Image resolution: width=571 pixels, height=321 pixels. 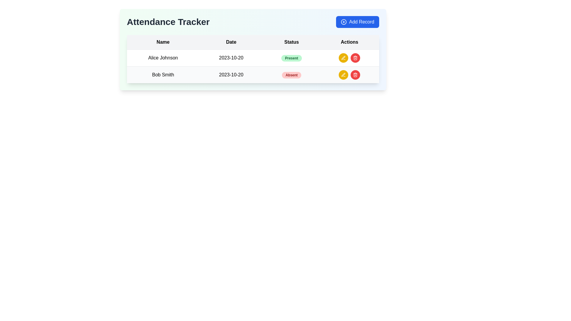 What do you see at coordinates (231, 74) in the screenshot?
I see `text displayed in the static text label representing the date of attendance for the individual in the second row and second column of the table, adjacent to 'Bob Smith' and 'Absent'` at bounding box center [231, 74].